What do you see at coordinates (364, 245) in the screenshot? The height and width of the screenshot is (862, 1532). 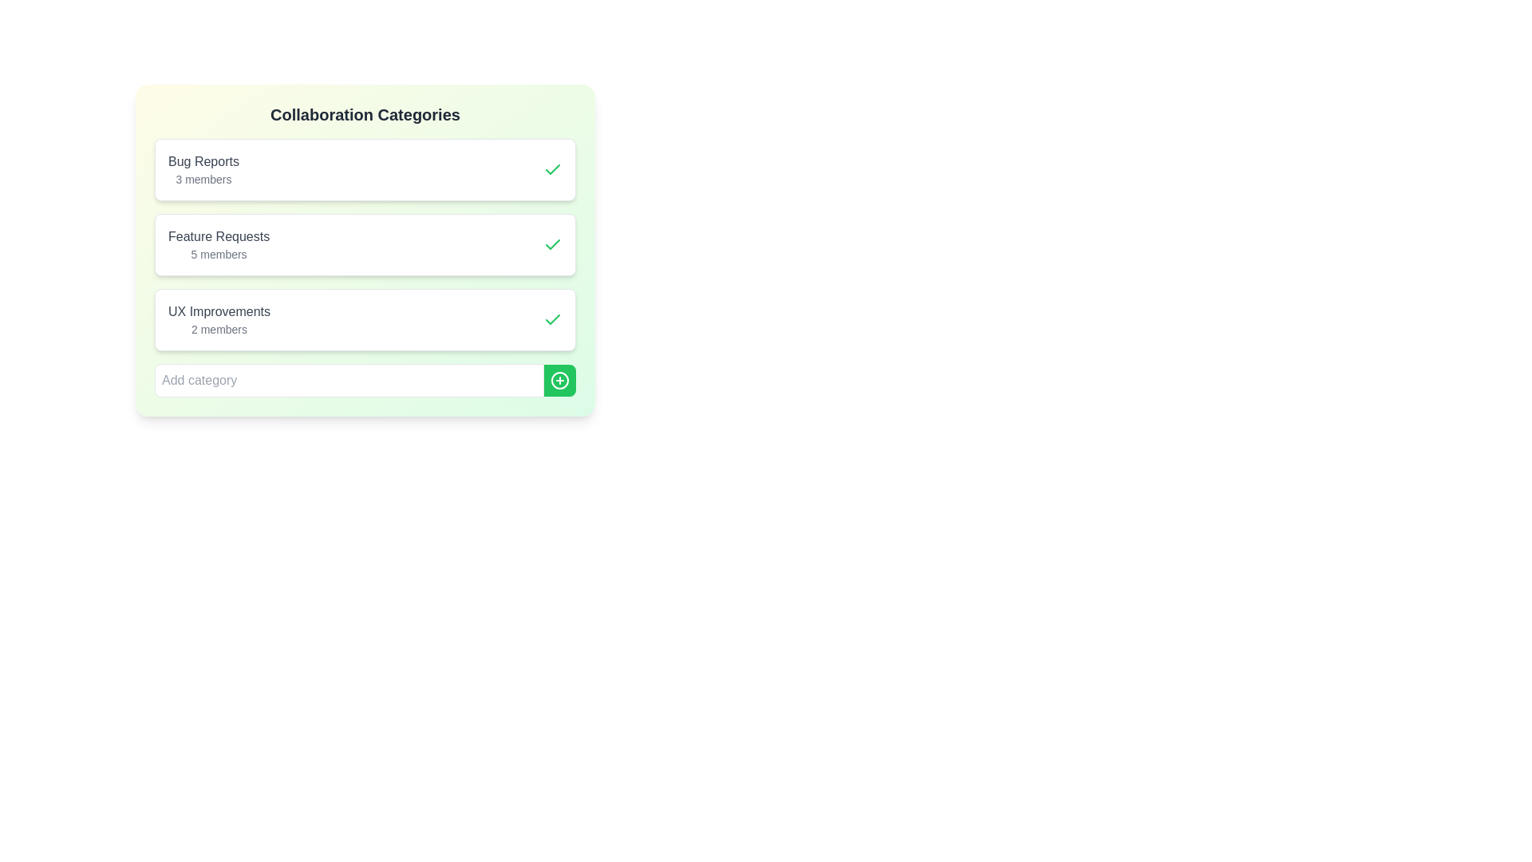 I see `the category Feature Requests to observe visual feedback` at bounding box center [364, 245].